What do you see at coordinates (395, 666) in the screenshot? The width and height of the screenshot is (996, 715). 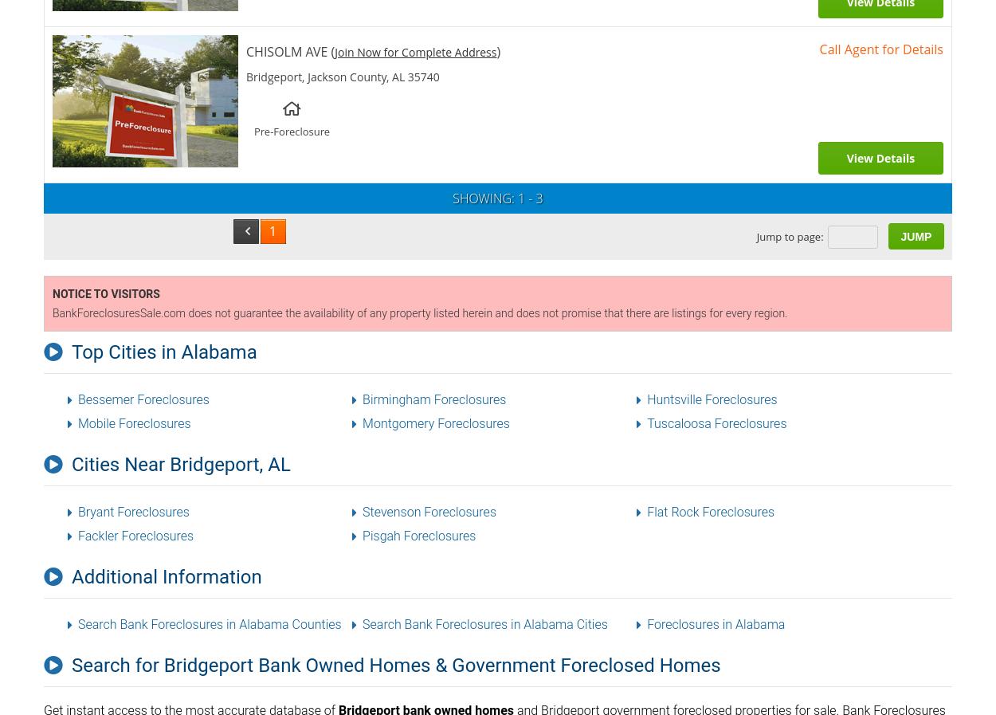 I see `'Search for Bridgeport Bank Owned Homes & Government Foreclosed Homes'` at bounding box center [395, 666].